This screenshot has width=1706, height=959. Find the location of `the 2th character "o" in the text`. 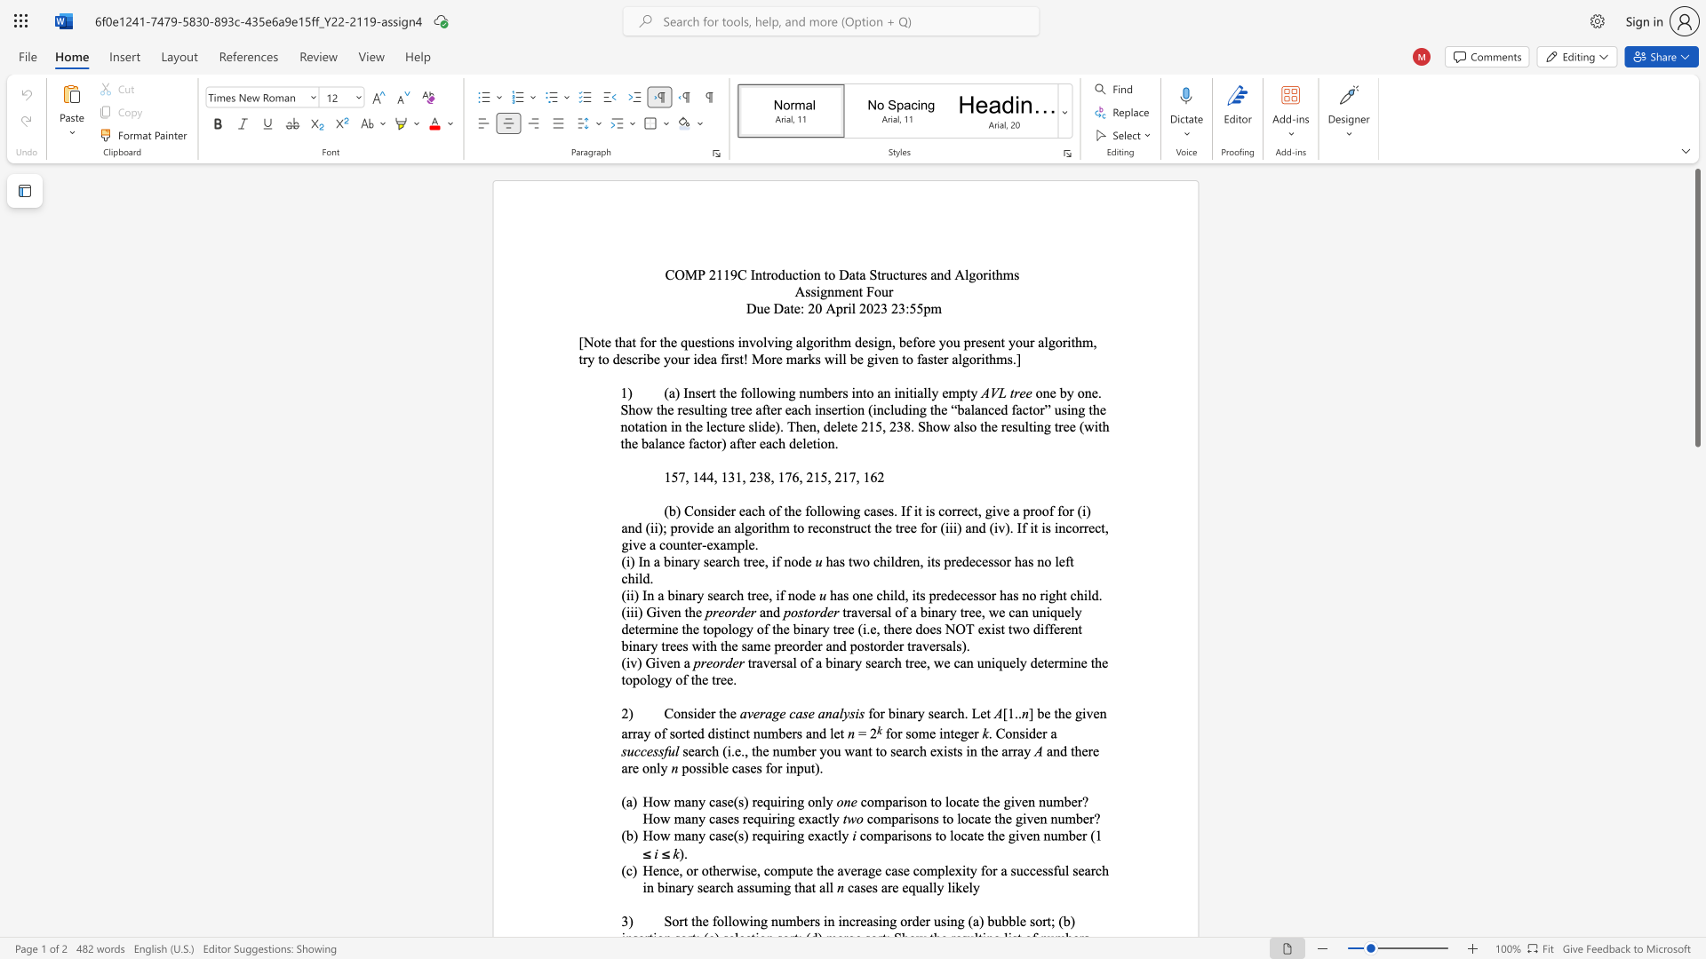

the 2th character "o" in the text is located at coordinates (763, 392).